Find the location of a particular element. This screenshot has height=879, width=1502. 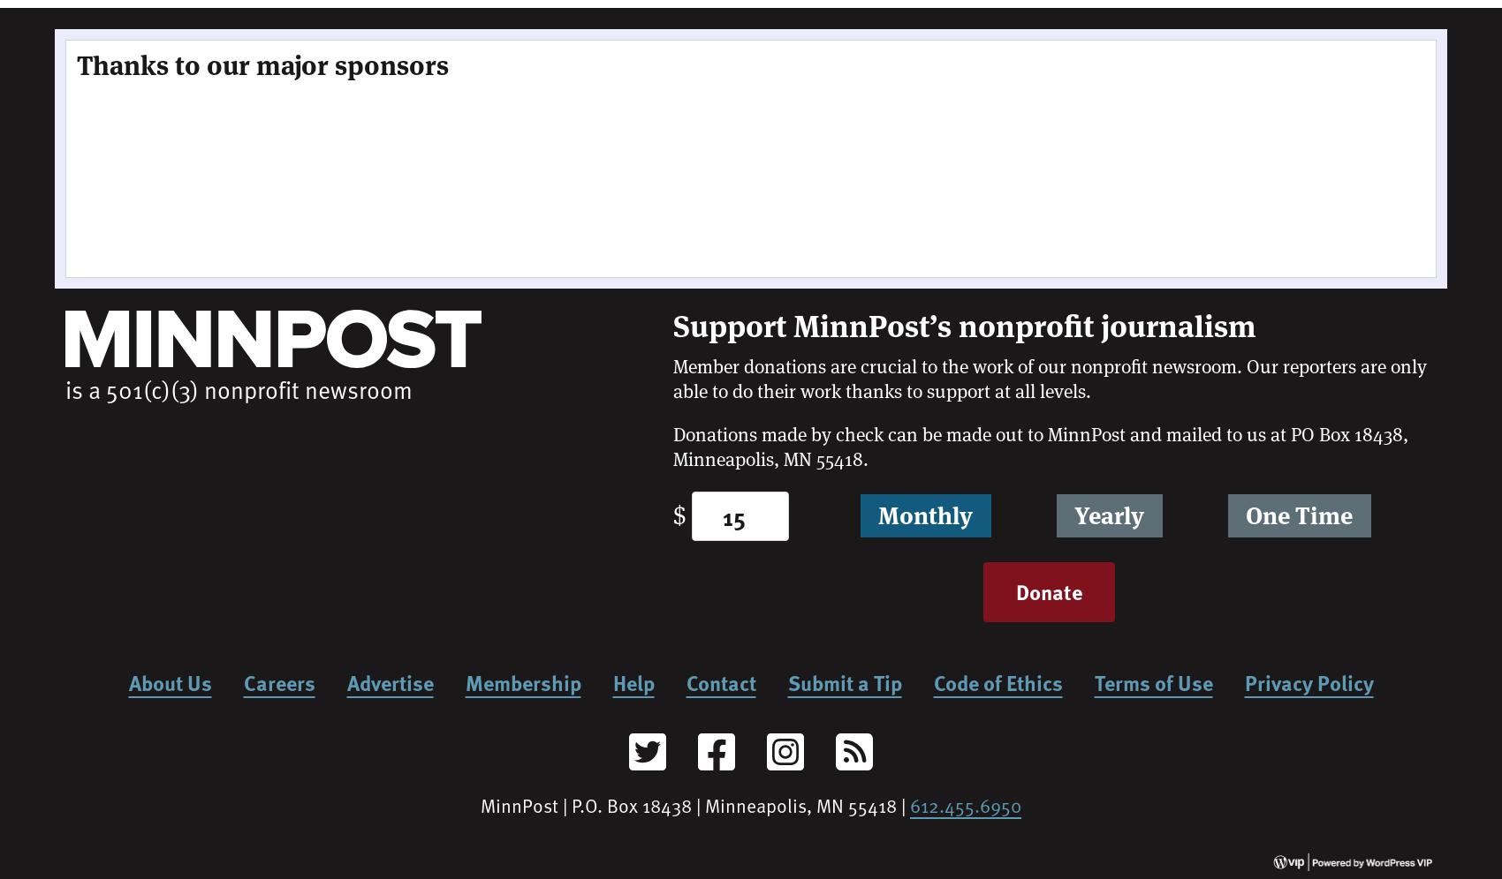

'Contact' is located at coordinates (685, 681).